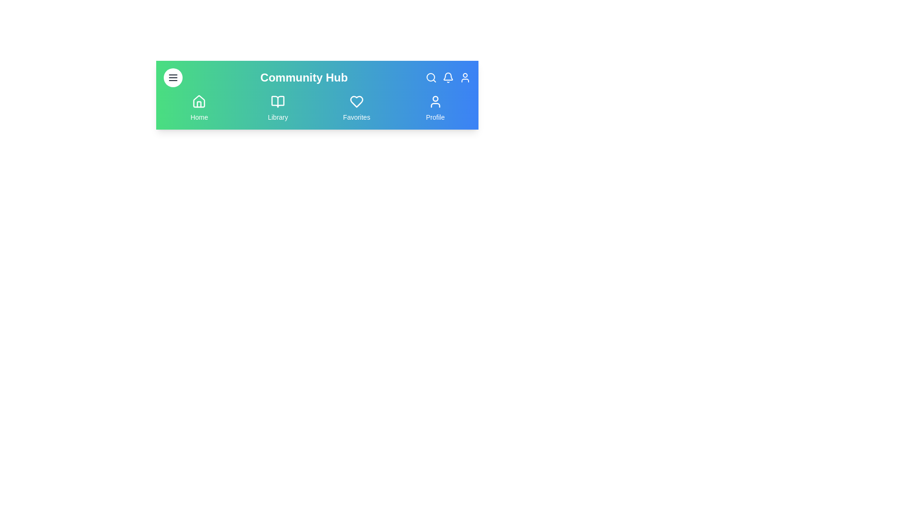 The image size is (906, 509). Describe the element at coordinates (356, 108) in the screenshot. I see `the navigation menu item Favorites` at that location.